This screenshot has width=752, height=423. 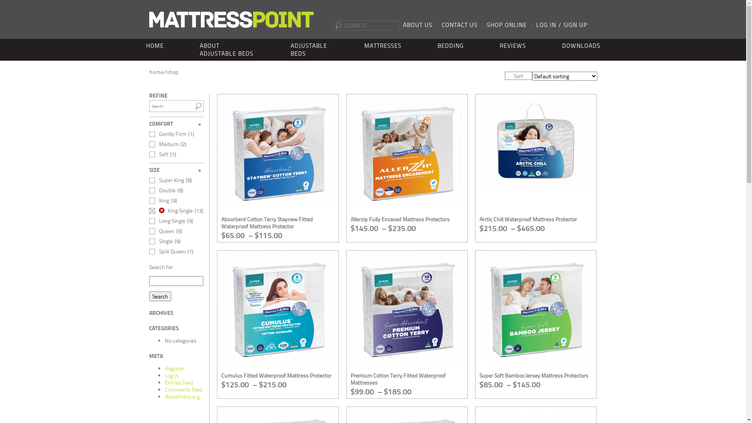 What do you see at coordinates (148, 190) in the screenshot?
I see `'Double'` at bounding box center [148, 190].